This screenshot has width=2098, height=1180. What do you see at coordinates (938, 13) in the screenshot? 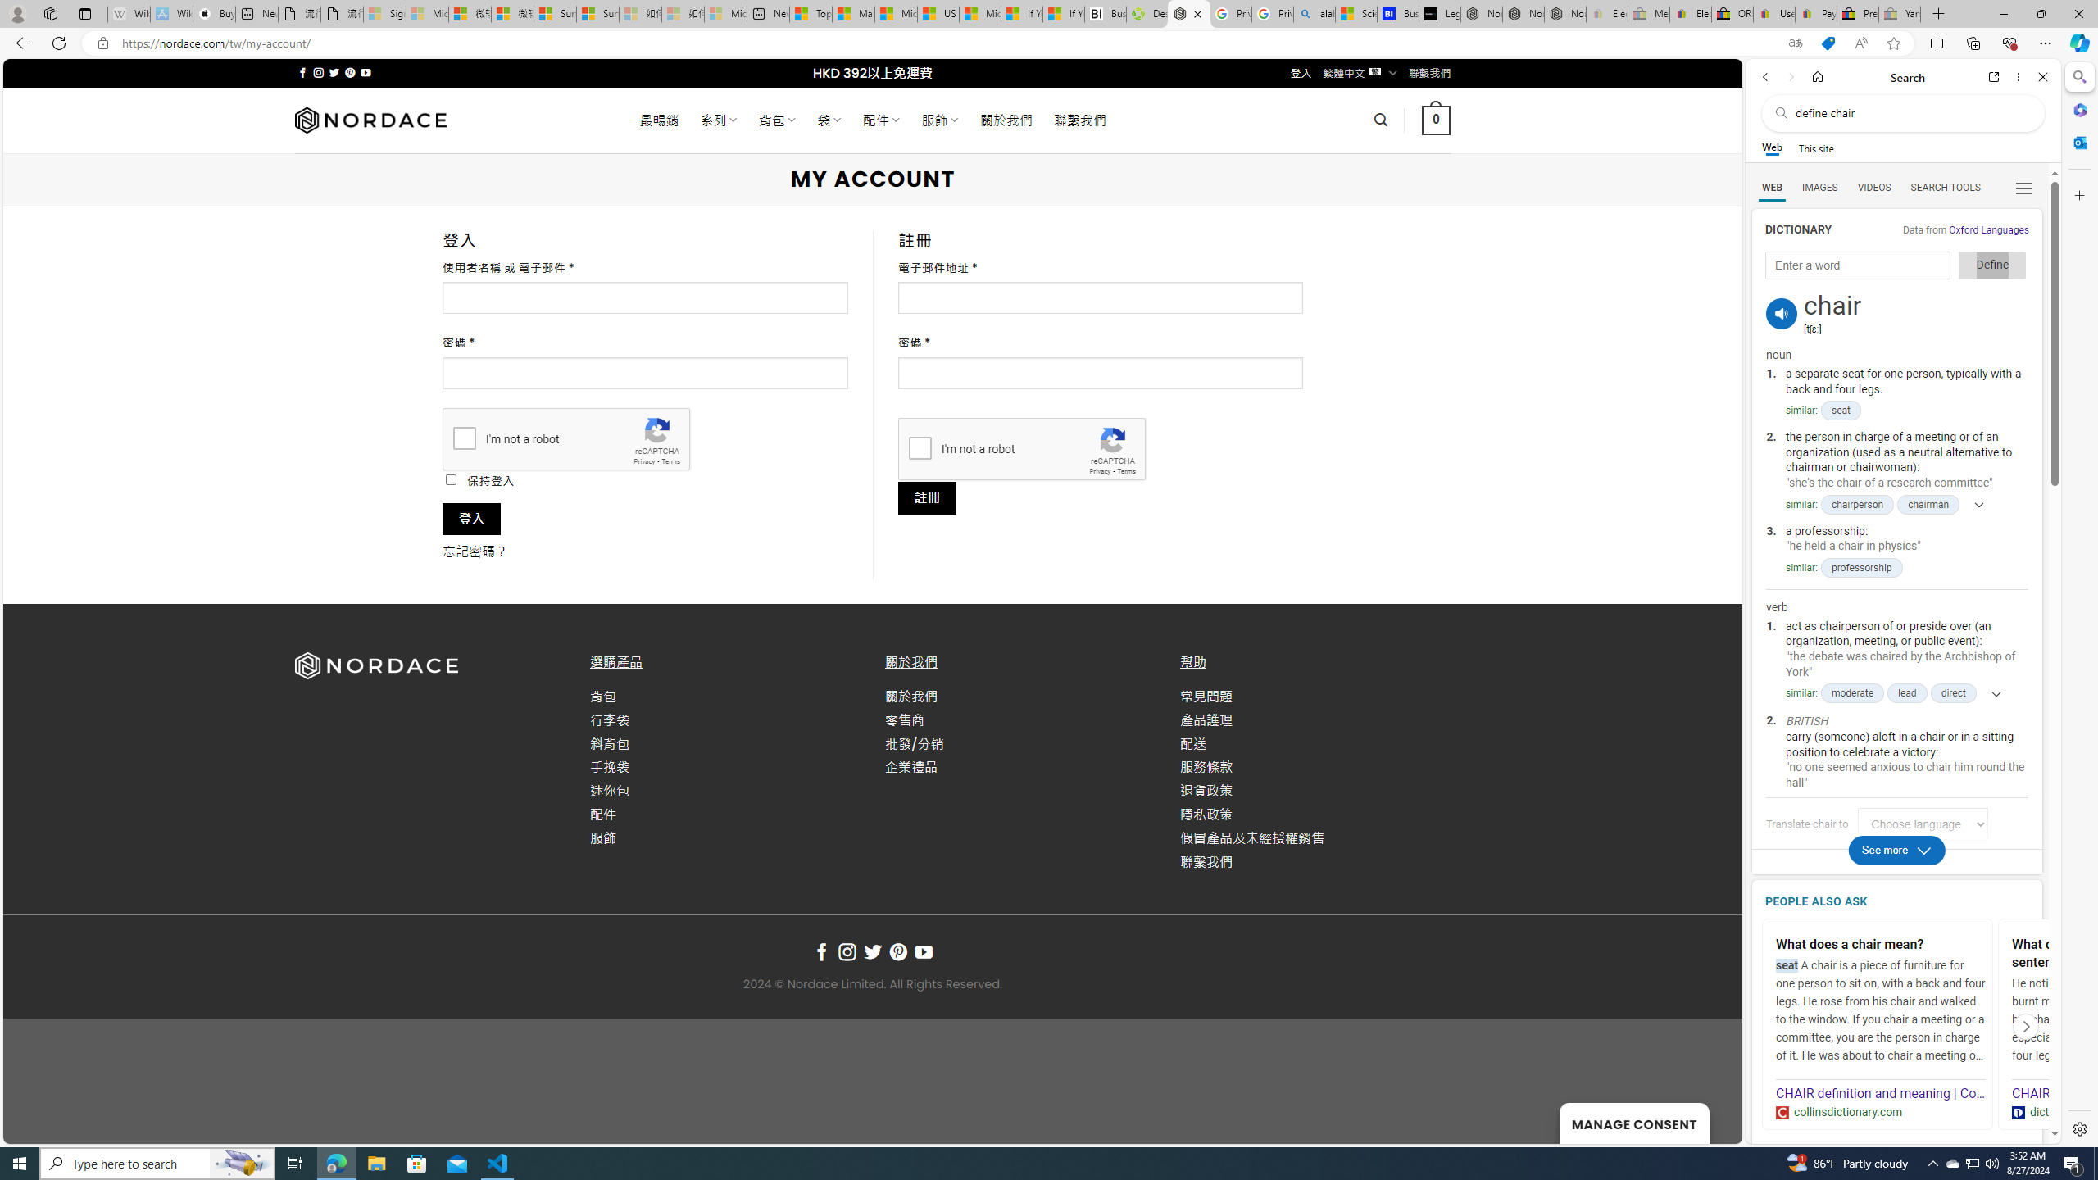
I see `'US Heat Deaths Soared To Record High Last Year'` at bounding box center [938, 13].